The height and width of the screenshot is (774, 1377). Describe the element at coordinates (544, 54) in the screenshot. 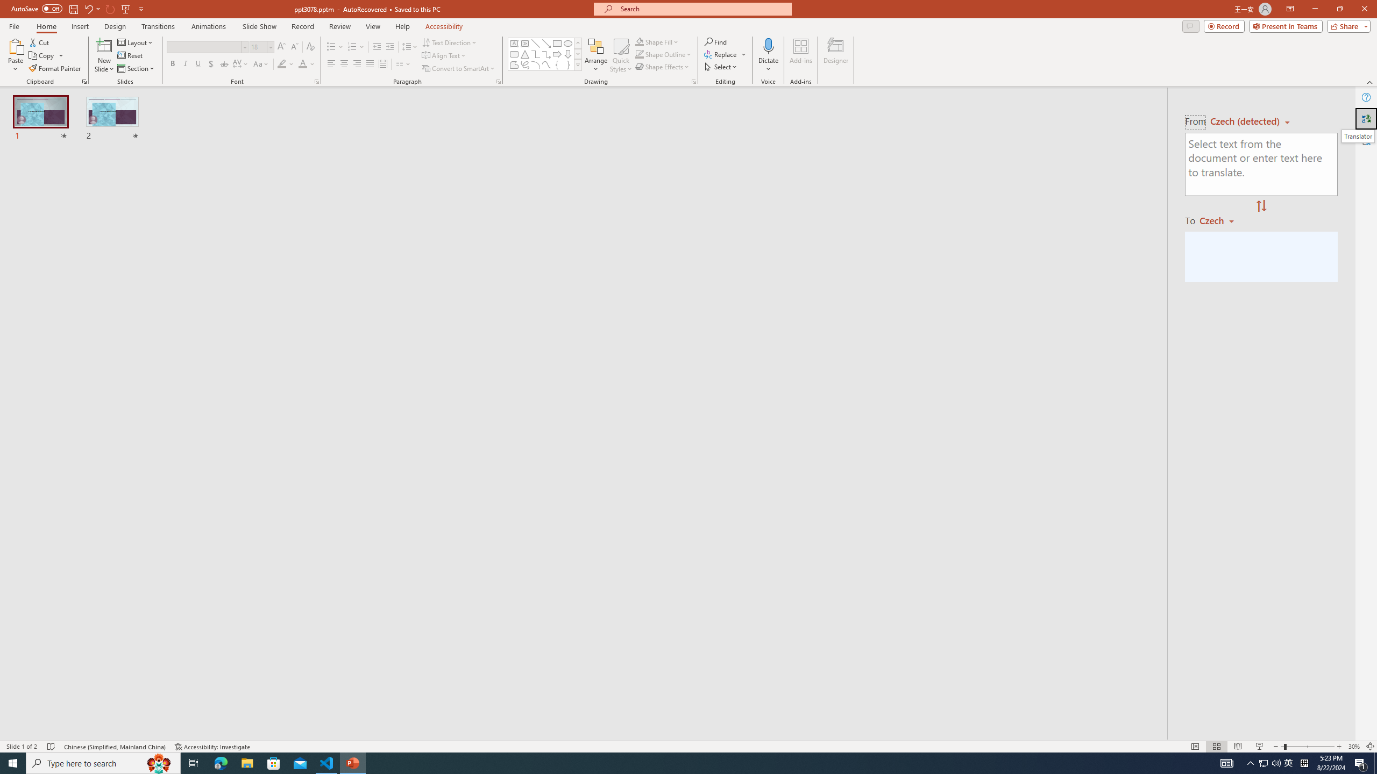

I see `'AutomationID: ShapesInsertGallery'` at that location.